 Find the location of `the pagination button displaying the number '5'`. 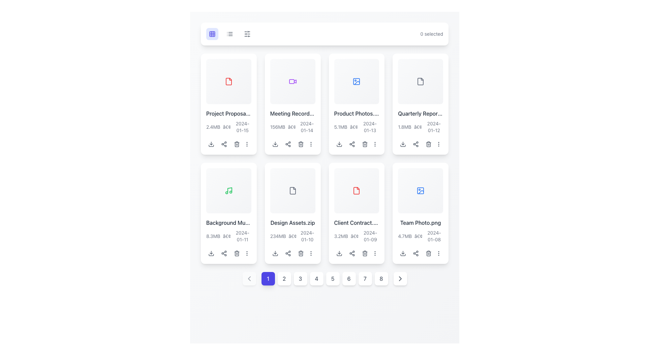

the pagination button displaying the number '5' is located at coordinates (325, 278).